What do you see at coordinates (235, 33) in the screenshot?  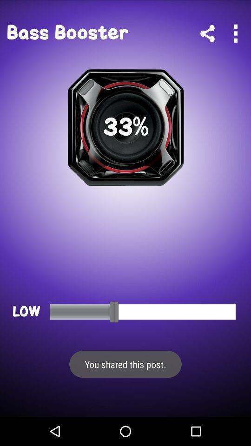 I see `settings` at bounding box center [235, 33].